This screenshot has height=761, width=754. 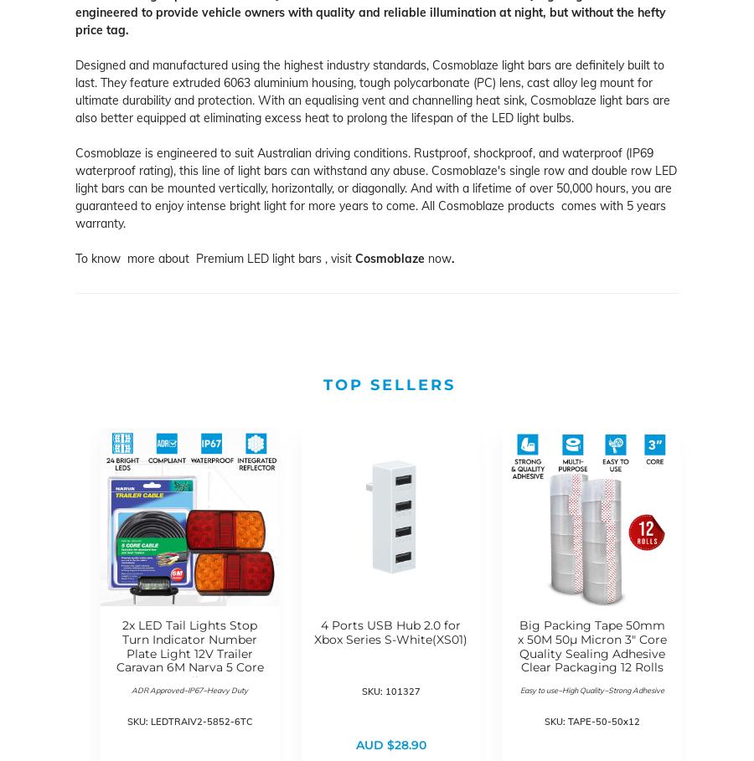 What do you see at coordinates (188, 720) in the screenshot?
I see `'SKU: LEDTRAIV2-5852-6TC'` at bounding box center [188, 720].